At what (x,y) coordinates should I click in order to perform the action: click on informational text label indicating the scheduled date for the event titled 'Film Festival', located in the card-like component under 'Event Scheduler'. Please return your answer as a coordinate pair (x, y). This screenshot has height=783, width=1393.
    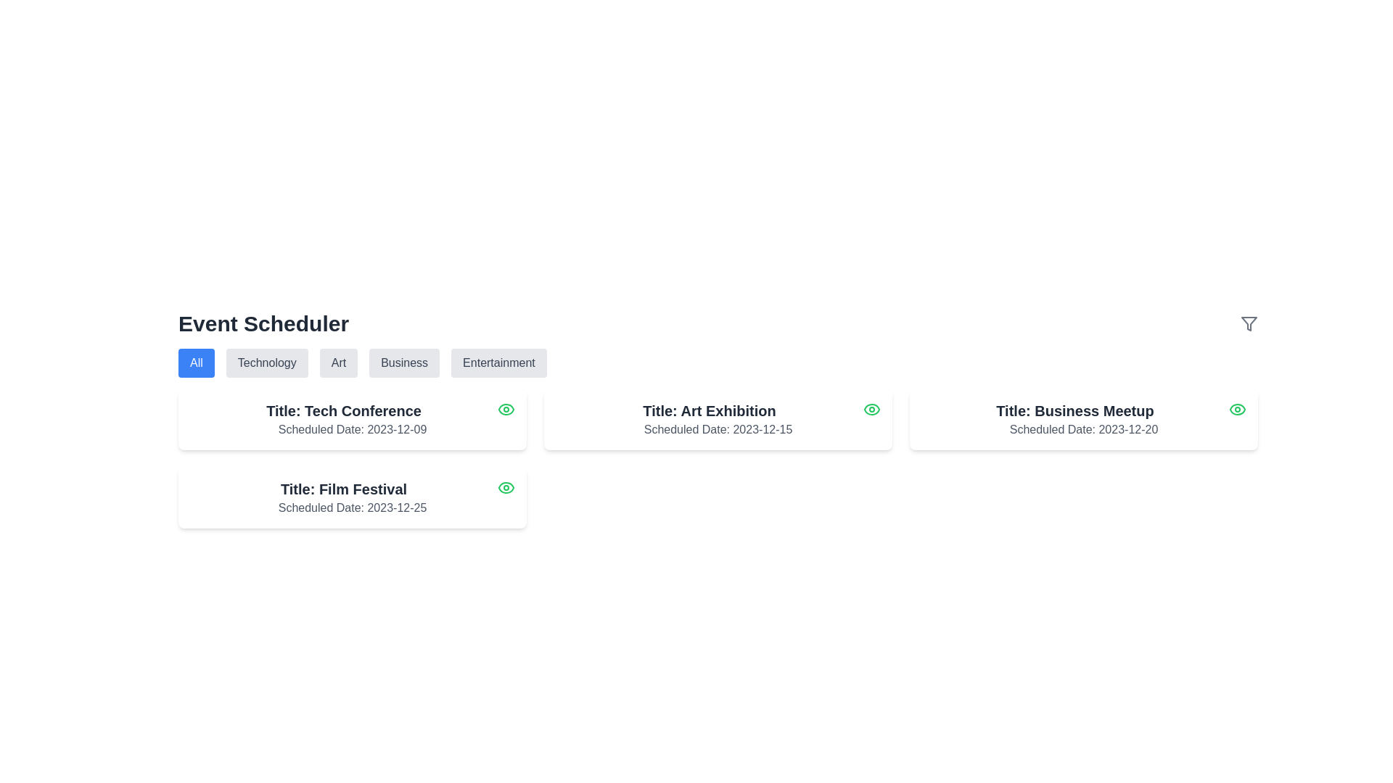
    Looking at the image, I should click on (352, 507).